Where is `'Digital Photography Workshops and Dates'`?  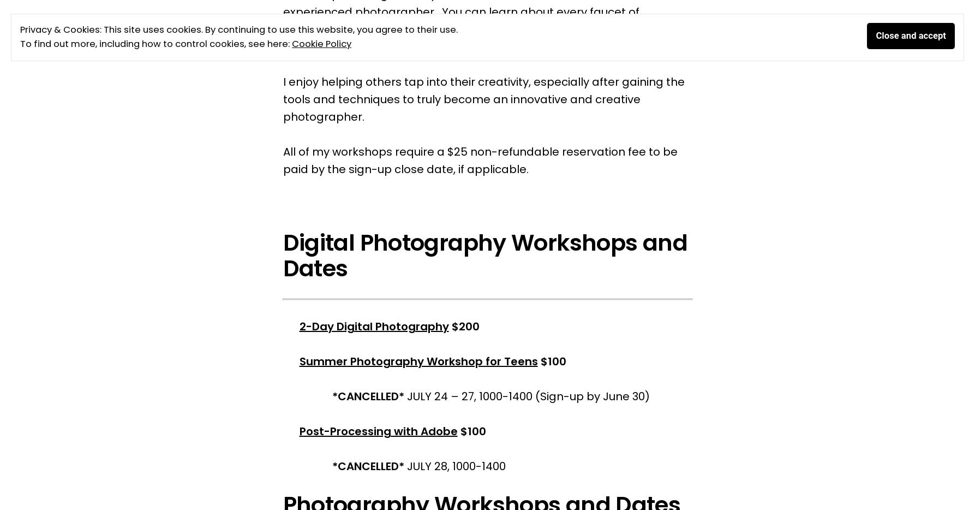
'Digital Photography Workshops and Dates' is located at coordinates (484, 255).